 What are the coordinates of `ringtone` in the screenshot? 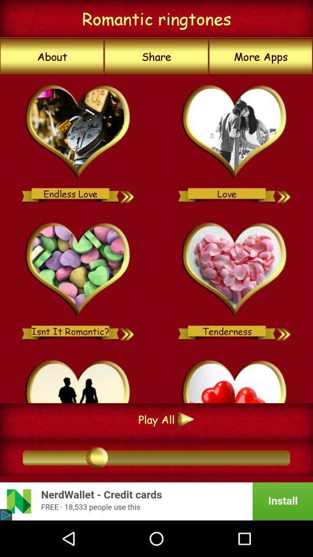 It's located at (283, 193).